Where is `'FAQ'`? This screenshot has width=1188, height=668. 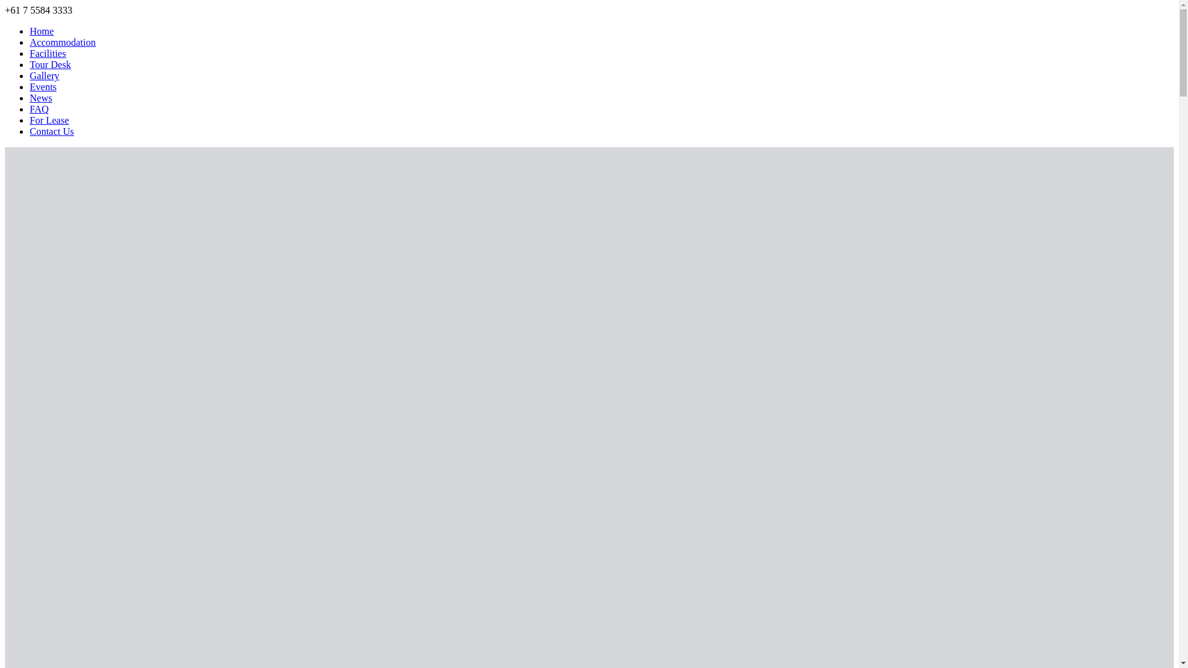
'FAQ' is located at coordinates (39, 108).